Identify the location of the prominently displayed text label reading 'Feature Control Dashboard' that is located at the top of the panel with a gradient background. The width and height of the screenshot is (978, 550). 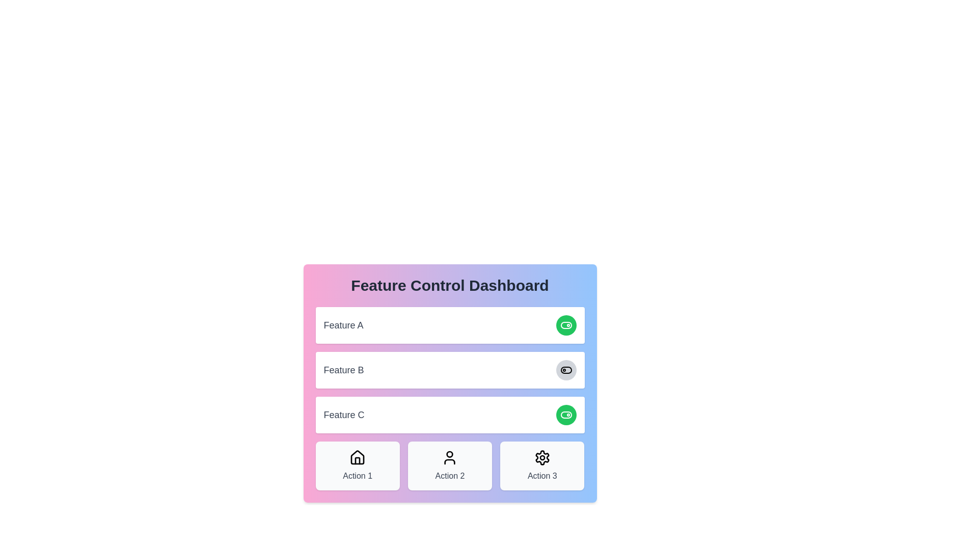
(449, 285).